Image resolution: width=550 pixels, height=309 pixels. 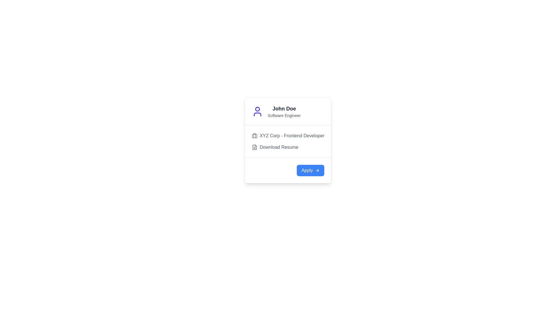 What do you see at coordinates (288, 125) in the screenshot?
I see `the decorative Separator Line that visually separates user details and additional information within the card layout` at bounding box center [288, 125].